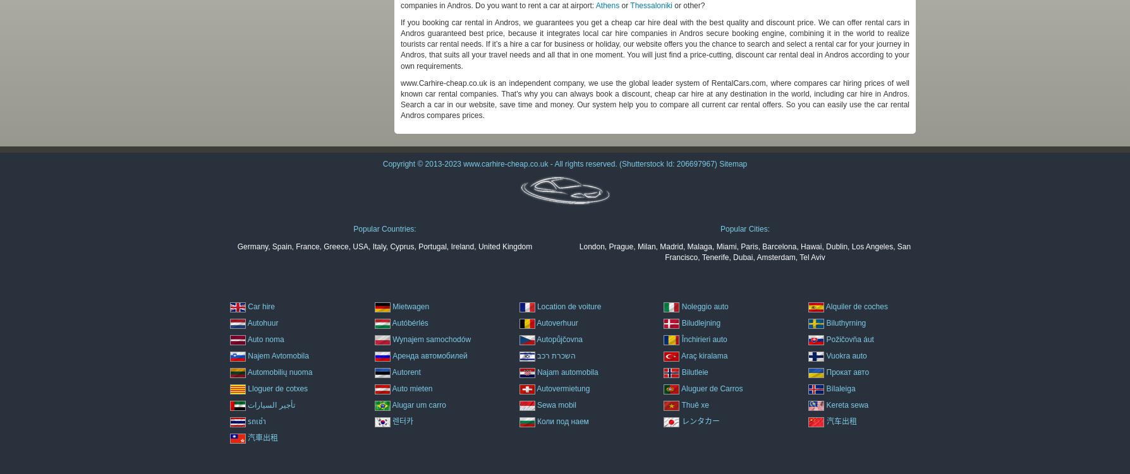 Image resolution: width=1130 pixels, height=474 pixels. Describe the element at coordinates (336, 245) in the screenshot. I see `'Greece'` at that location.